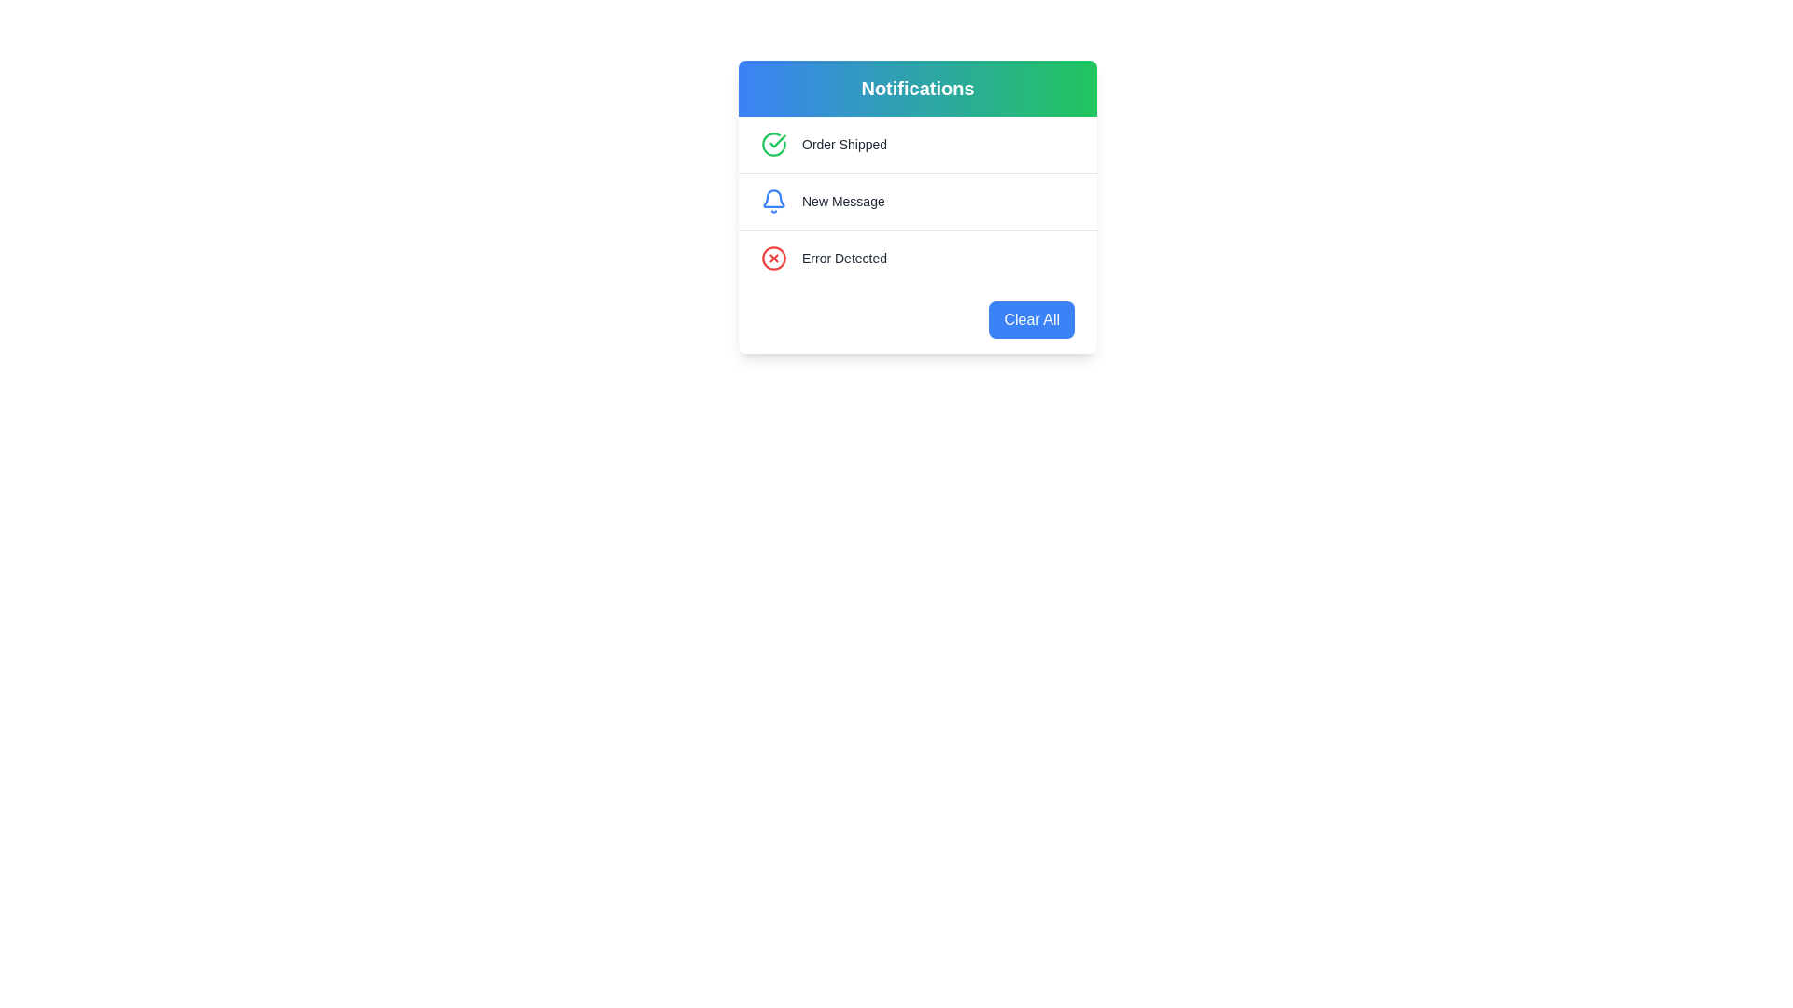 This screenshot has width=1793, height=1008. I want to click on the 'Order Shipped' status icon located at the leftmost part of the notification row before the text 'Order Shipped', so click(774, 143).